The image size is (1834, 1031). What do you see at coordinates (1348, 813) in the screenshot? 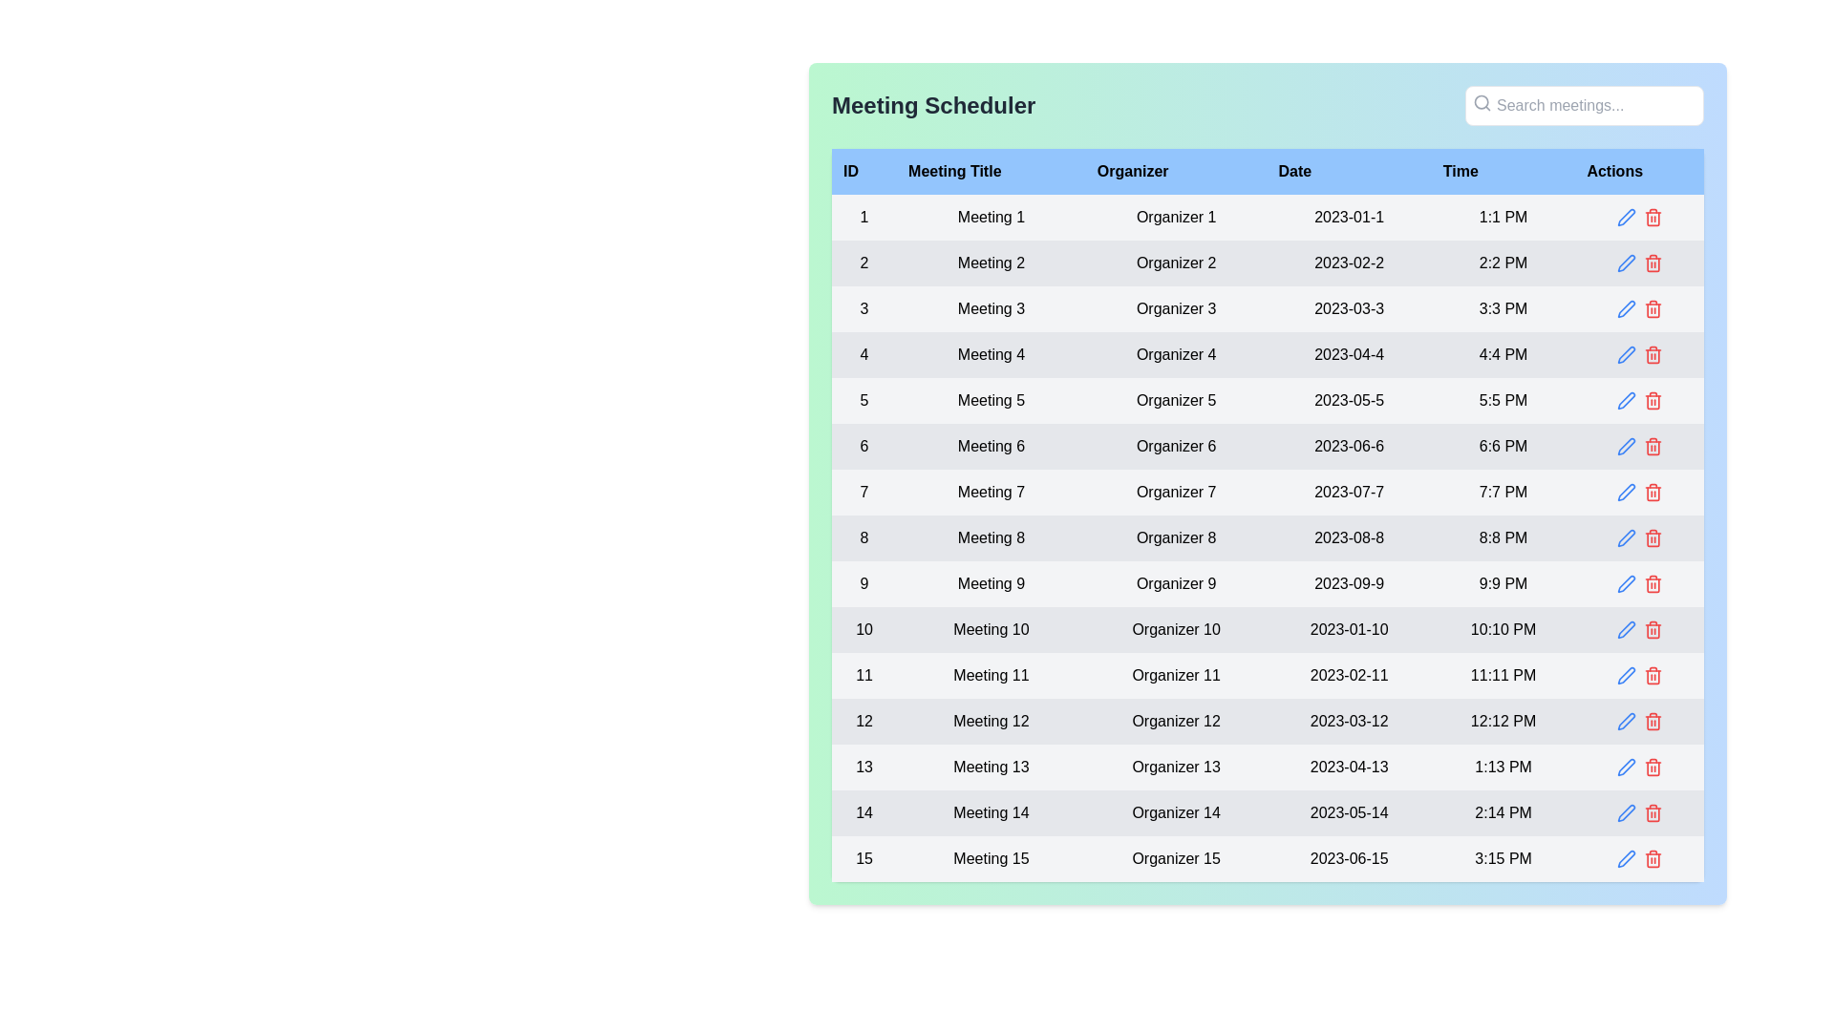
I see `date displayed in the static text element that shows '2023-05-14' in the 'Date' column of the 14th row of the table` at bounding box center [1348, 813].